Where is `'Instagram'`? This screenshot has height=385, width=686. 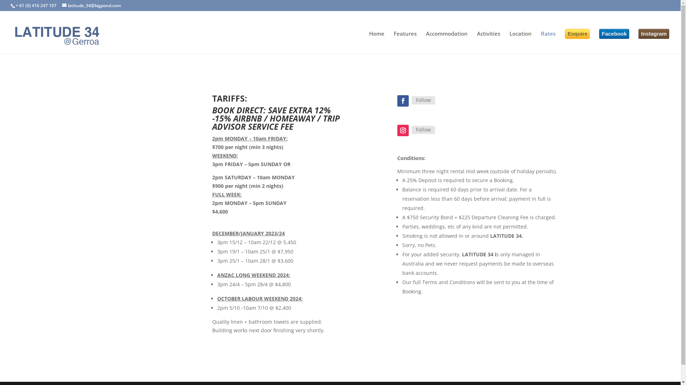 'Instagram' is located at coordinates (638, 34).